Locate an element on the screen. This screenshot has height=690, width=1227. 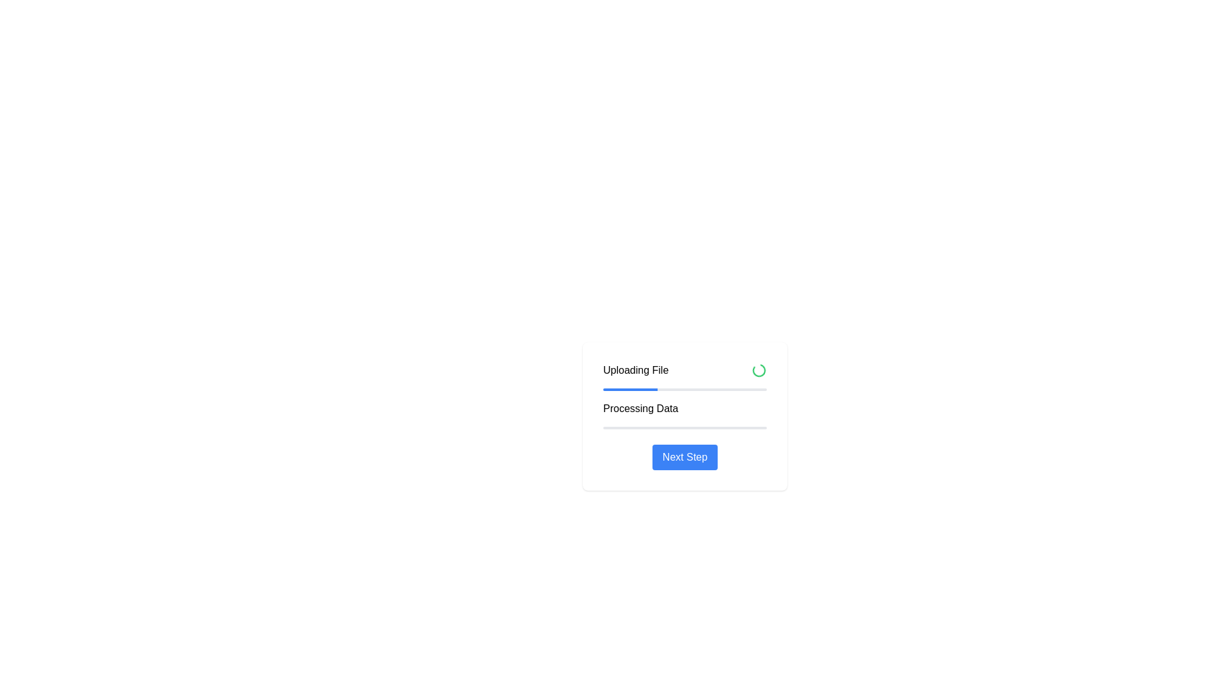
the progress bar is located at coordinates (650, 388).